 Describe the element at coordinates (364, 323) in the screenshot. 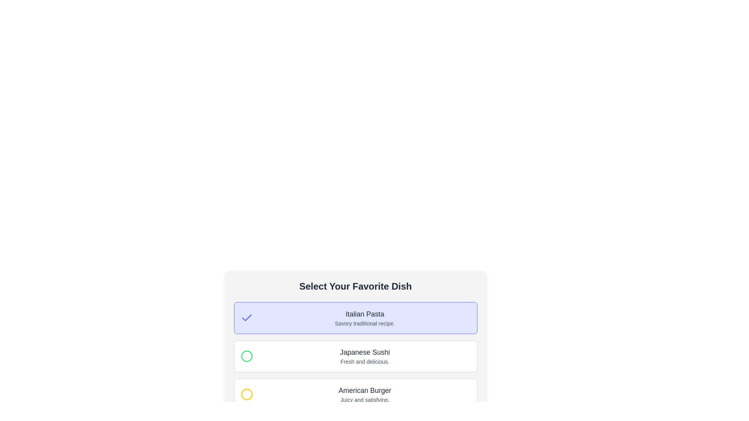

I see `textual content 'Savory traditional recipe.' which is styled in a small, gray font and positioned directly below the larger title 'Italian Pasta.'` at that location.